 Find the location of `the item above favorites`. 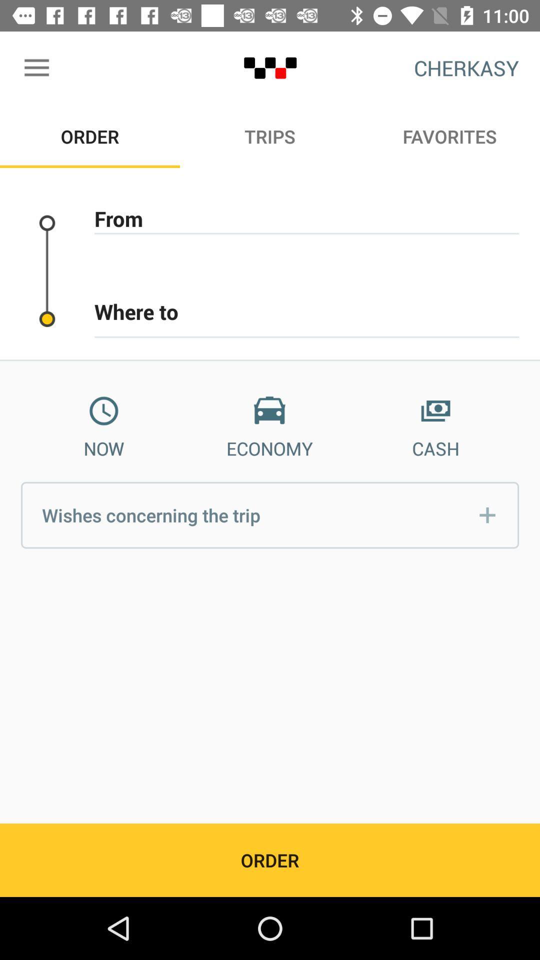

the item above favorites is located at coordinates (466, 67).